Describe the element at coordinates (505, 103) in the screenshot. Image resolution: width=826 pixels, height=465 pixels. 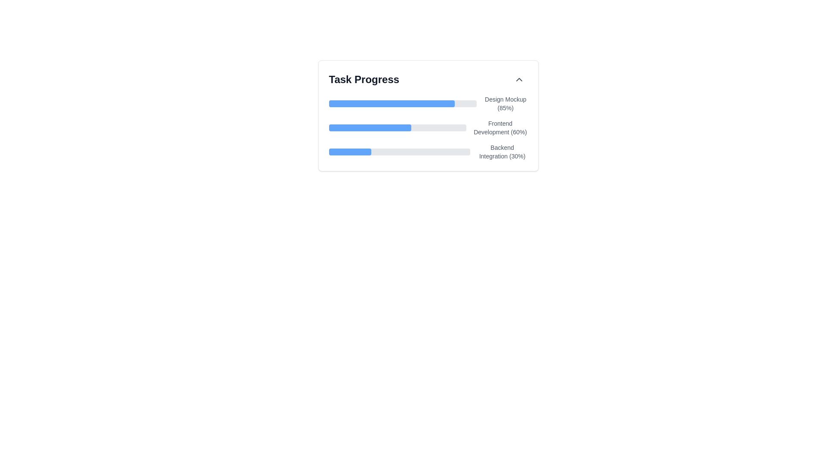
I see `the text element providing information about the 'Design Mockup' task progress, which indicates an 85% completion level and is located on the right side of the progress bar` at that location.